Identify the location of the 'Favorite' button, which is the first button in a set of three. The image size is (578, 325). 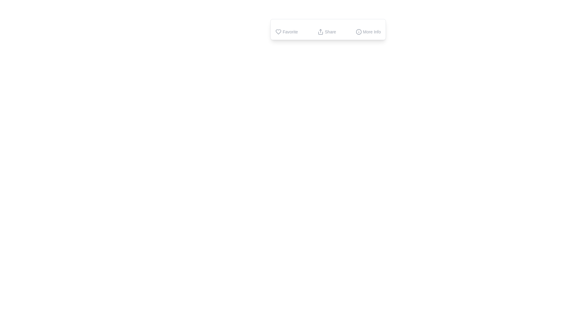
(286, 32).